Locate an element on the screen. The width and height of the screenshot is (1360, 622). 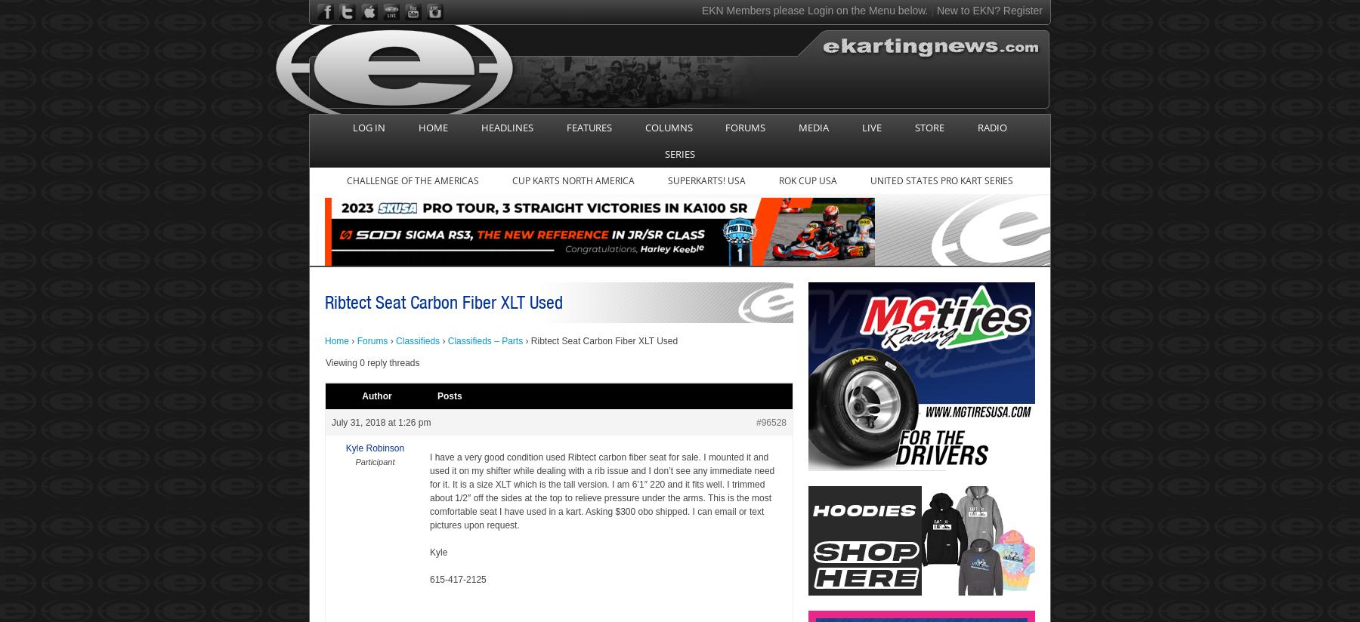
'Kyle Robinson' is located at coordinates (374, 448).